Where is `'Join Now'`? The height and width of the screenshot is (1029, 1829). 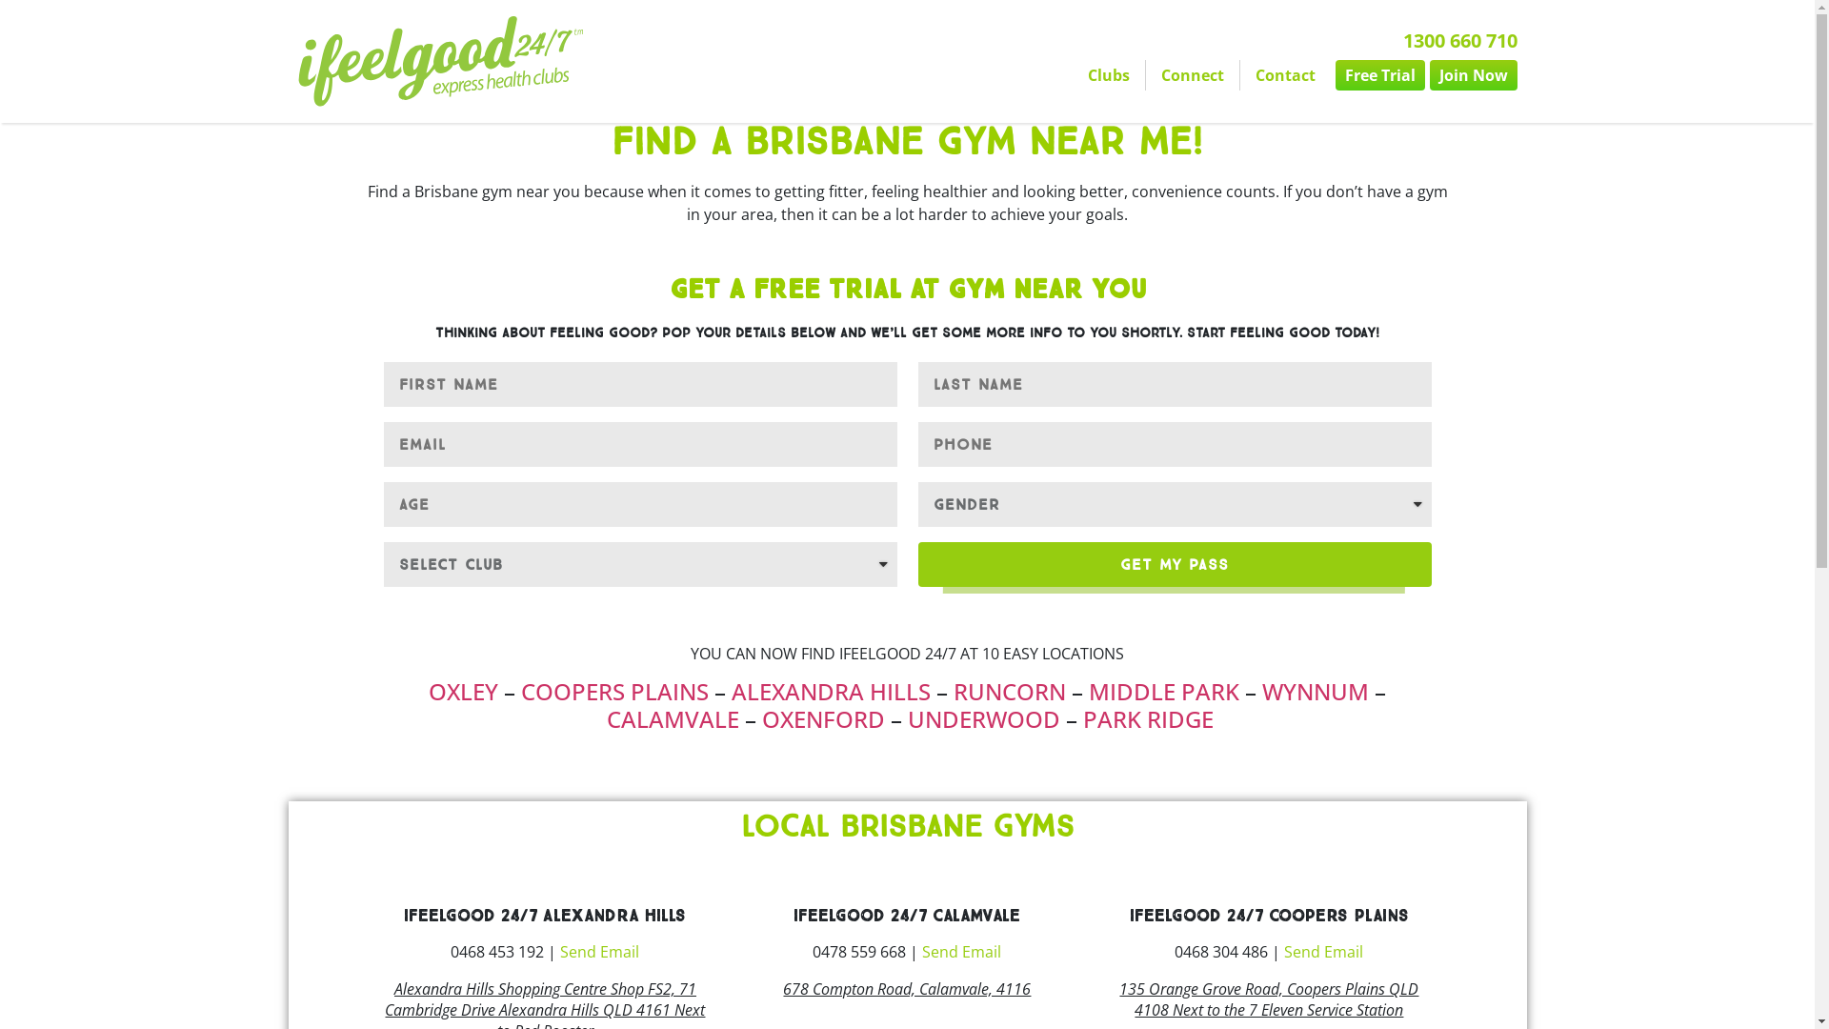 'Join Now' is located at coordinates (1471, 73).